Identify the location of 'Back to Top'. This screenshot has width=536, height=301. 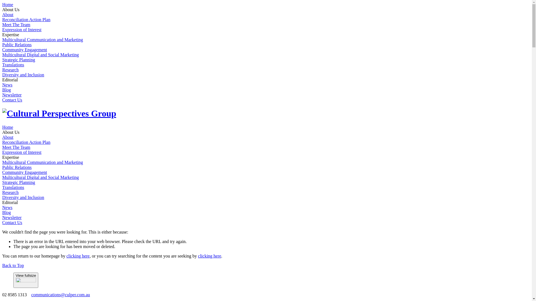
(2, 265).